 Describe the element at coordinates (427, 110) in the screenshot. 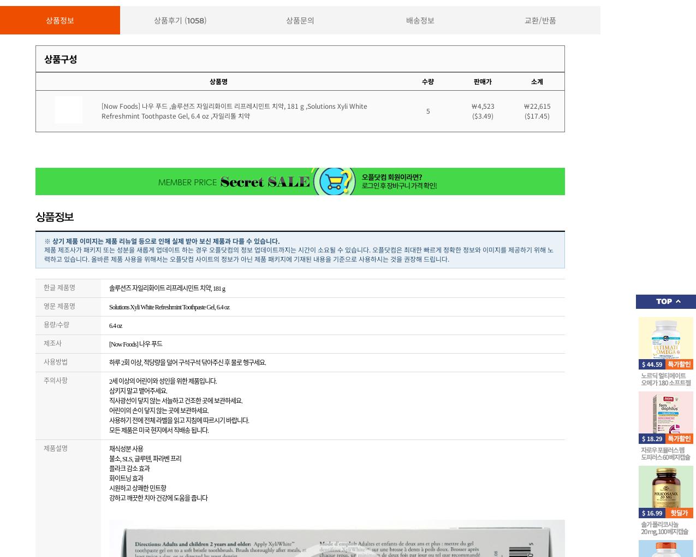

I see `'5'` at that location.